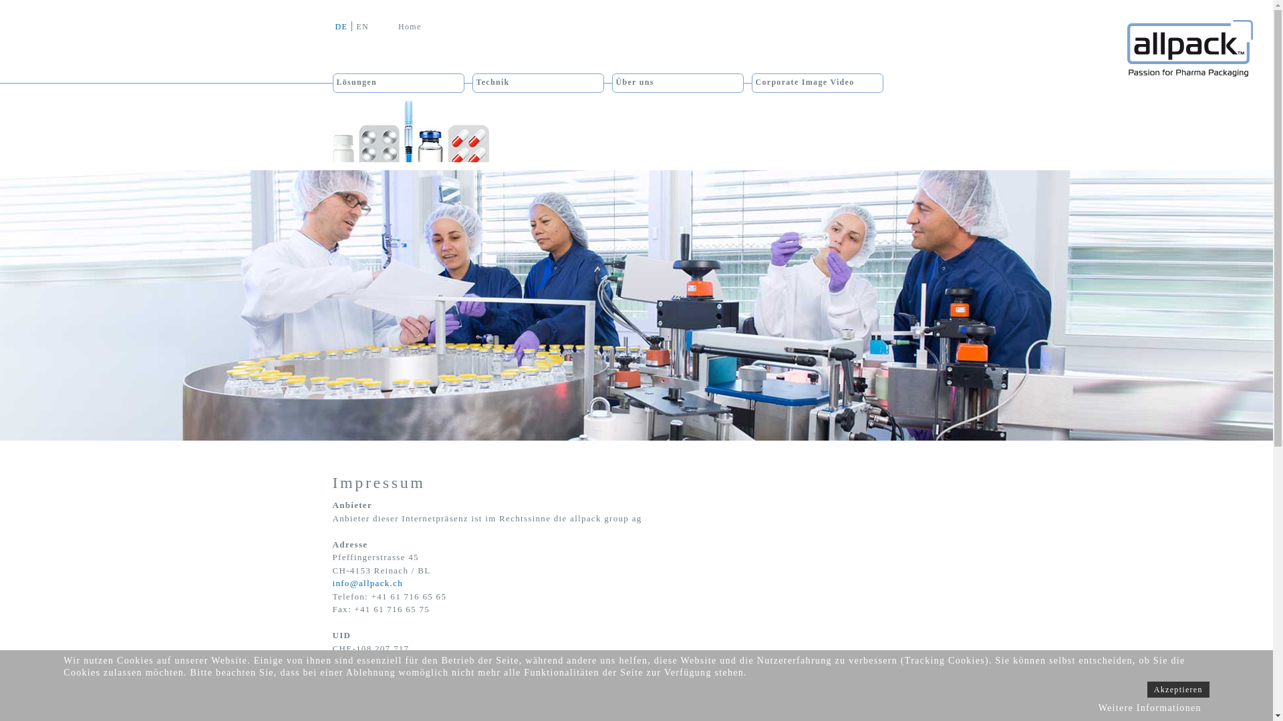  I want to click on 'info@allpack.ch', so click(368, 582).